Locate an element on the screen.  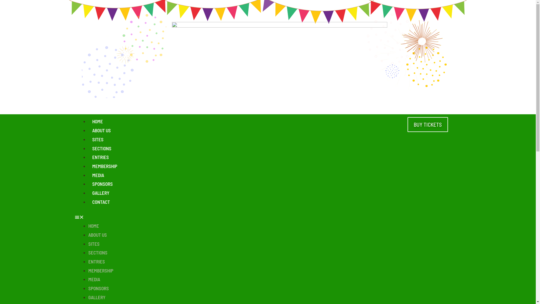
'HOME' is located at coordinates (93, 225).